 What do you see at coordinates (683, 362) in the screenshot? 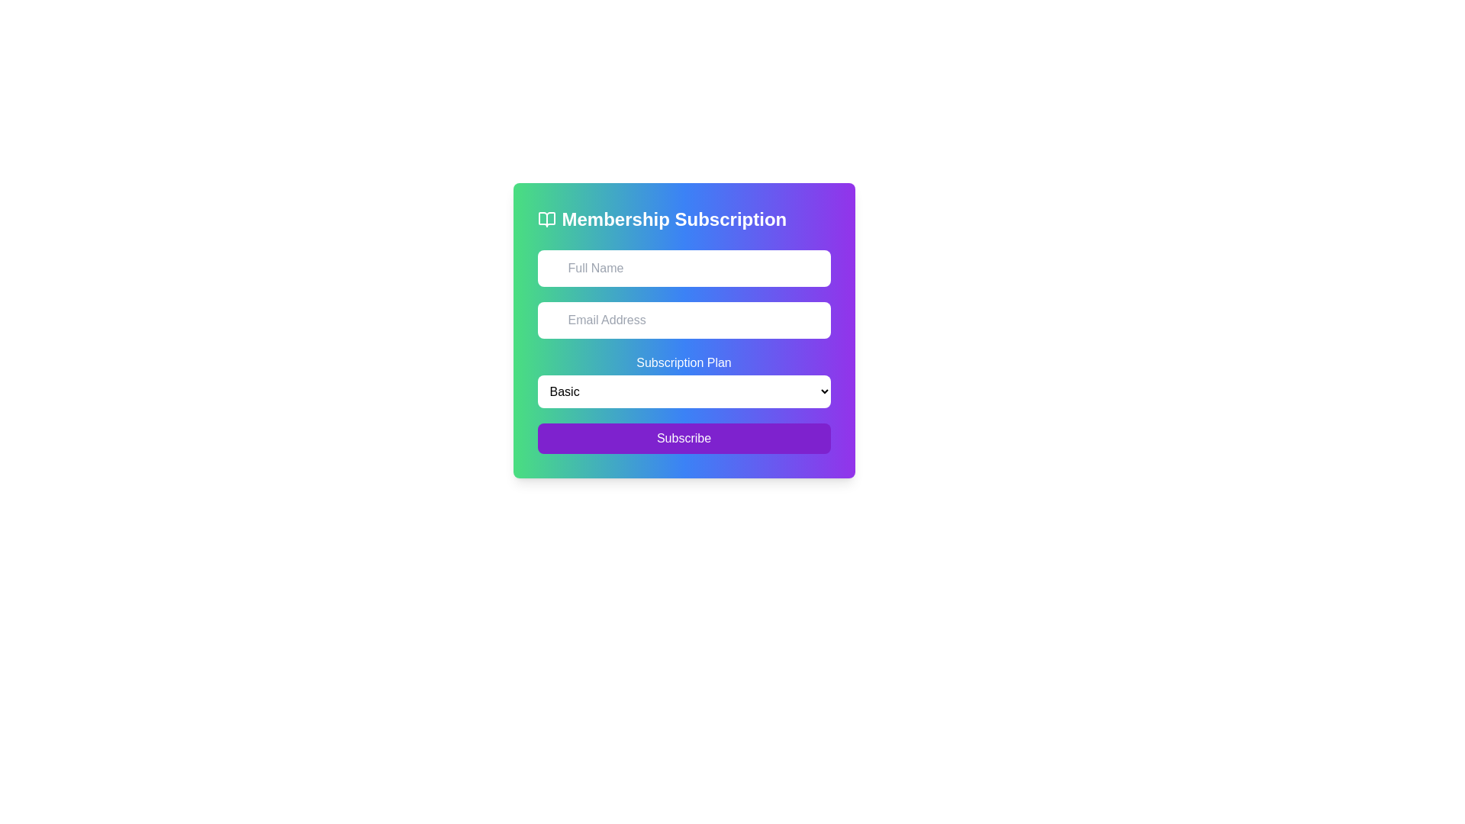
I see `the 'Subscription Plan' label which displays in white font on a gradient background, located above the dropdown menu in the 'Membership Subscription' form` at bounding box center [683, 362].